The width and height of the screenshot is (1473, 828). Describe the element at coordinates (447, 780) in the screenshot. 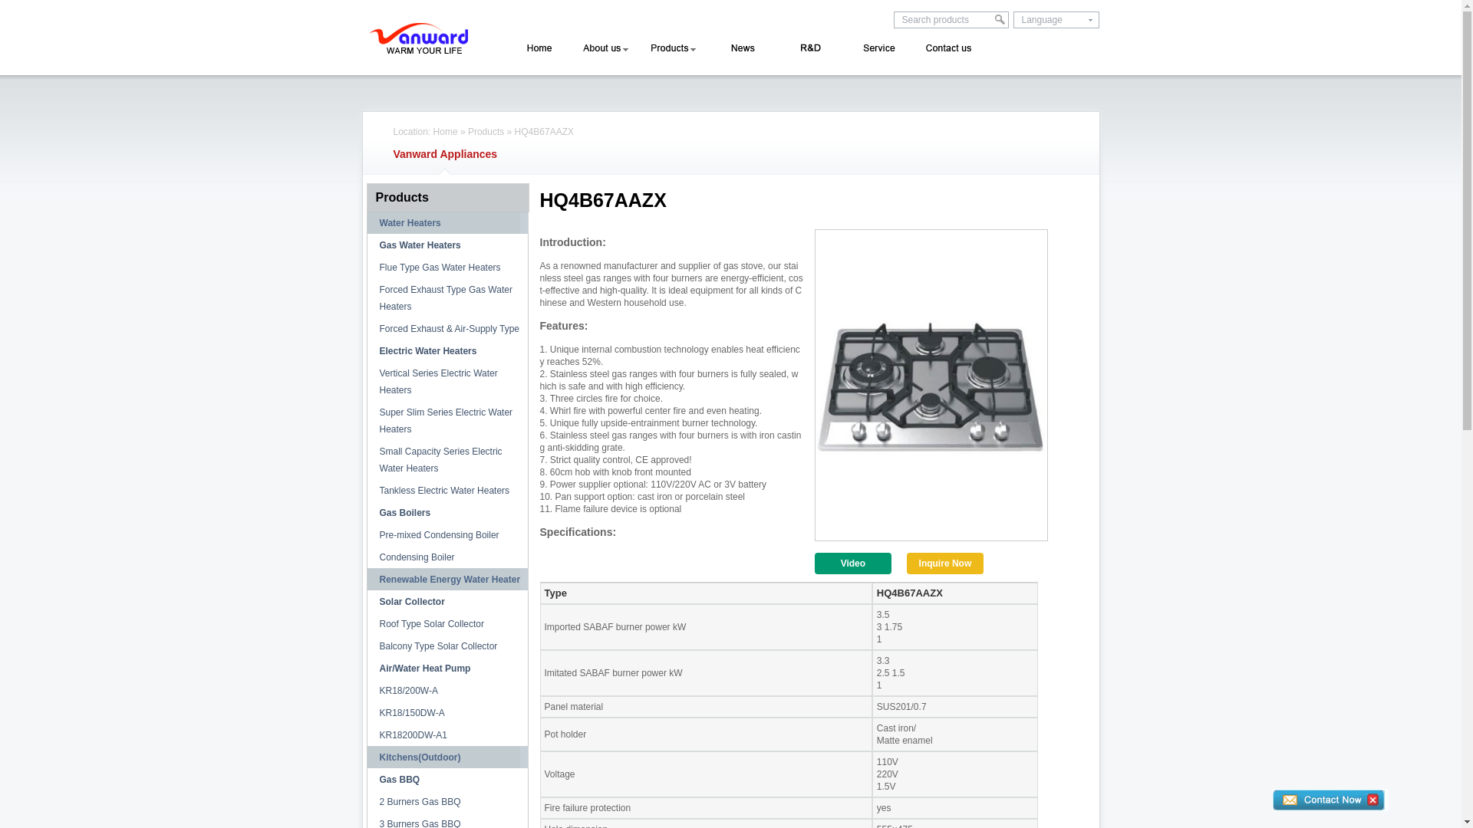

I see `'Gas BBQ'` at that location.